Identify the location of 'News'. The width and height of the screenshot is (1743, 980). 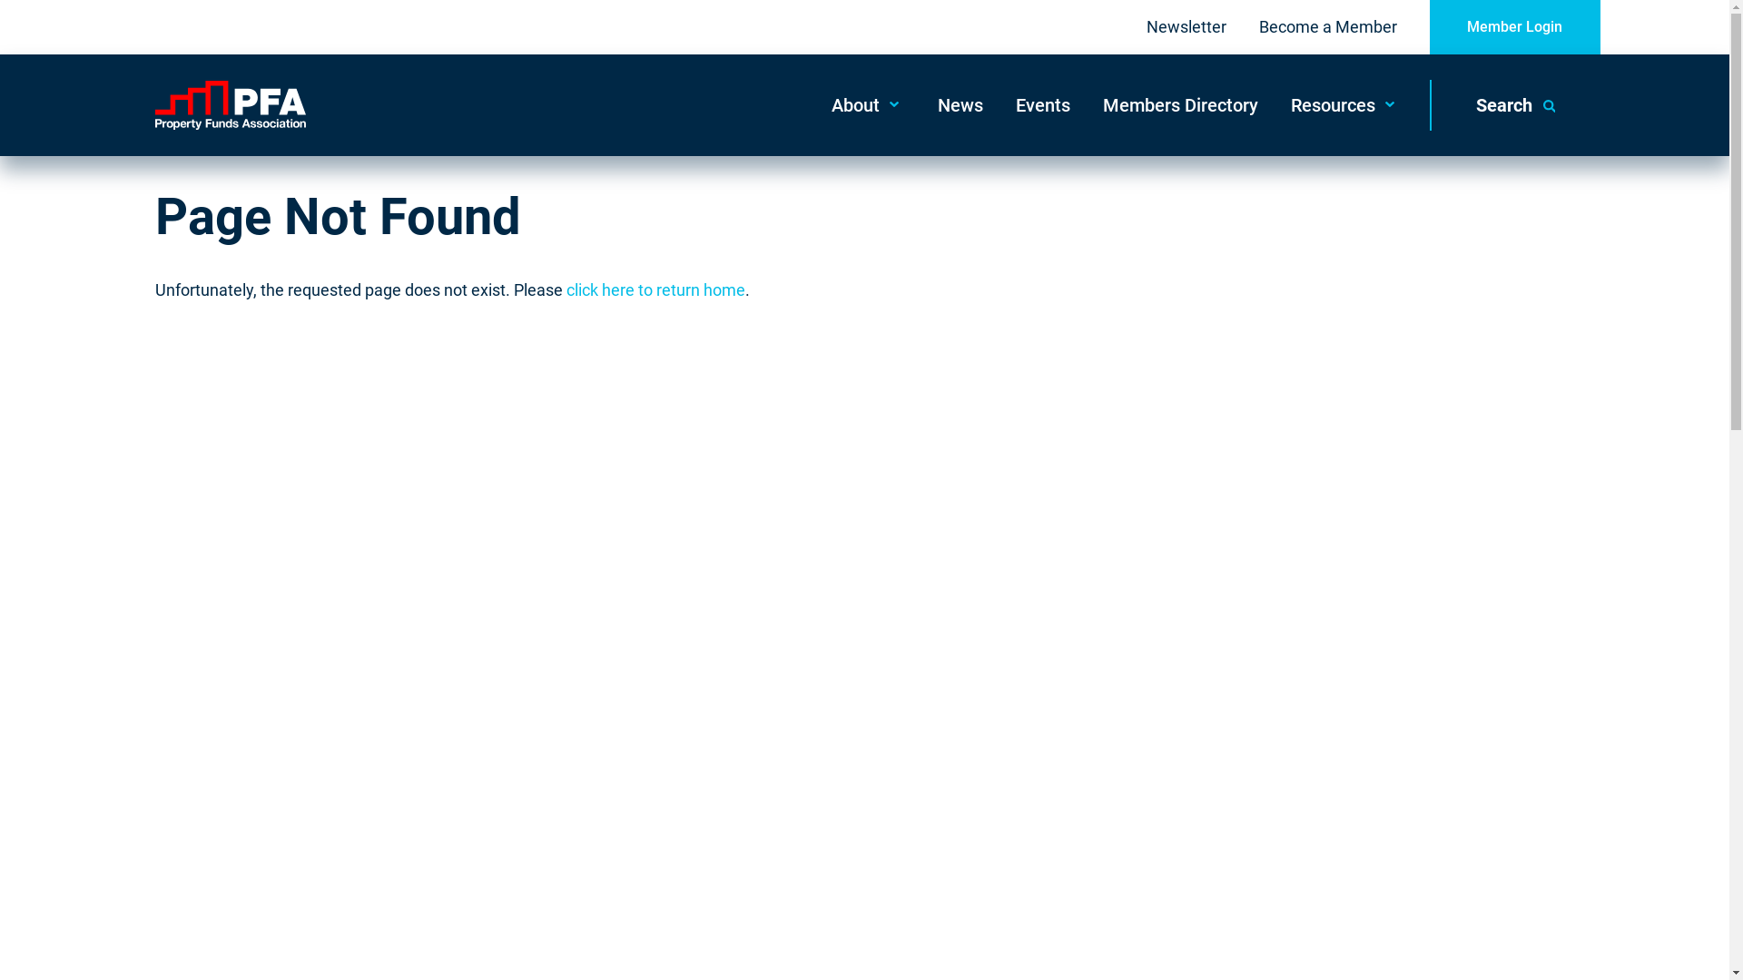
(958, 104).